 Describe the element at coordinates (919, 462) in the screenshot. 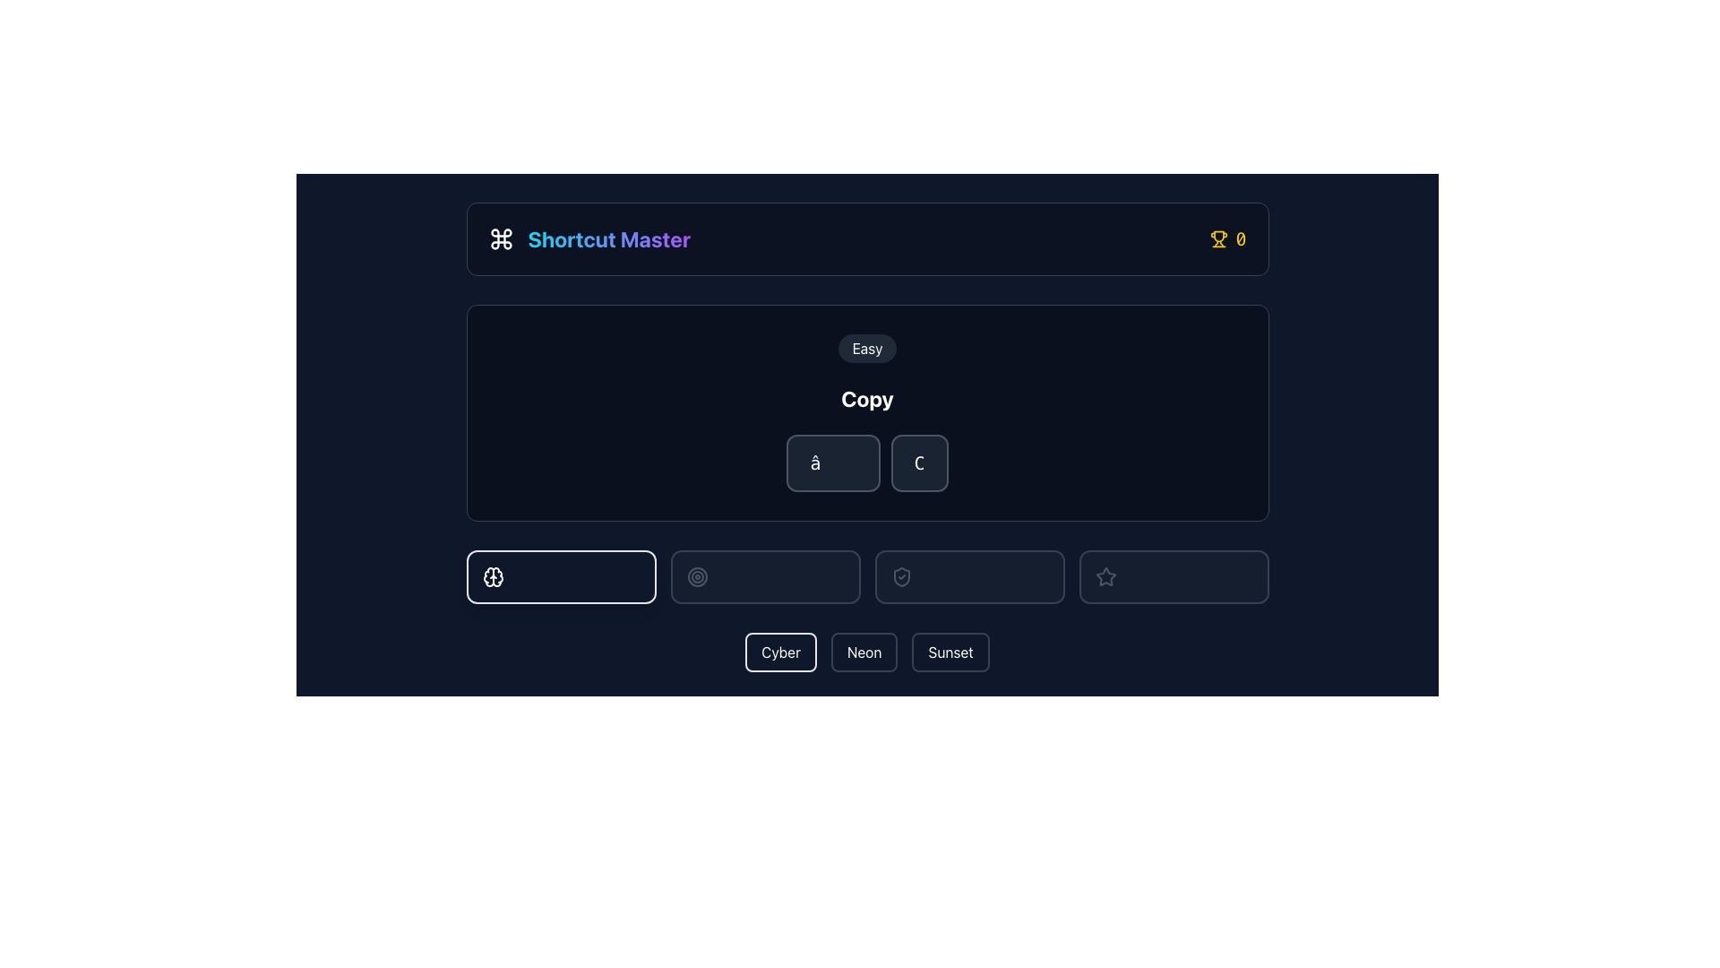

I see `the rounded rectangular button with a dark background and the text 'C' in a white monospace font to observe any hover effects` at that location.